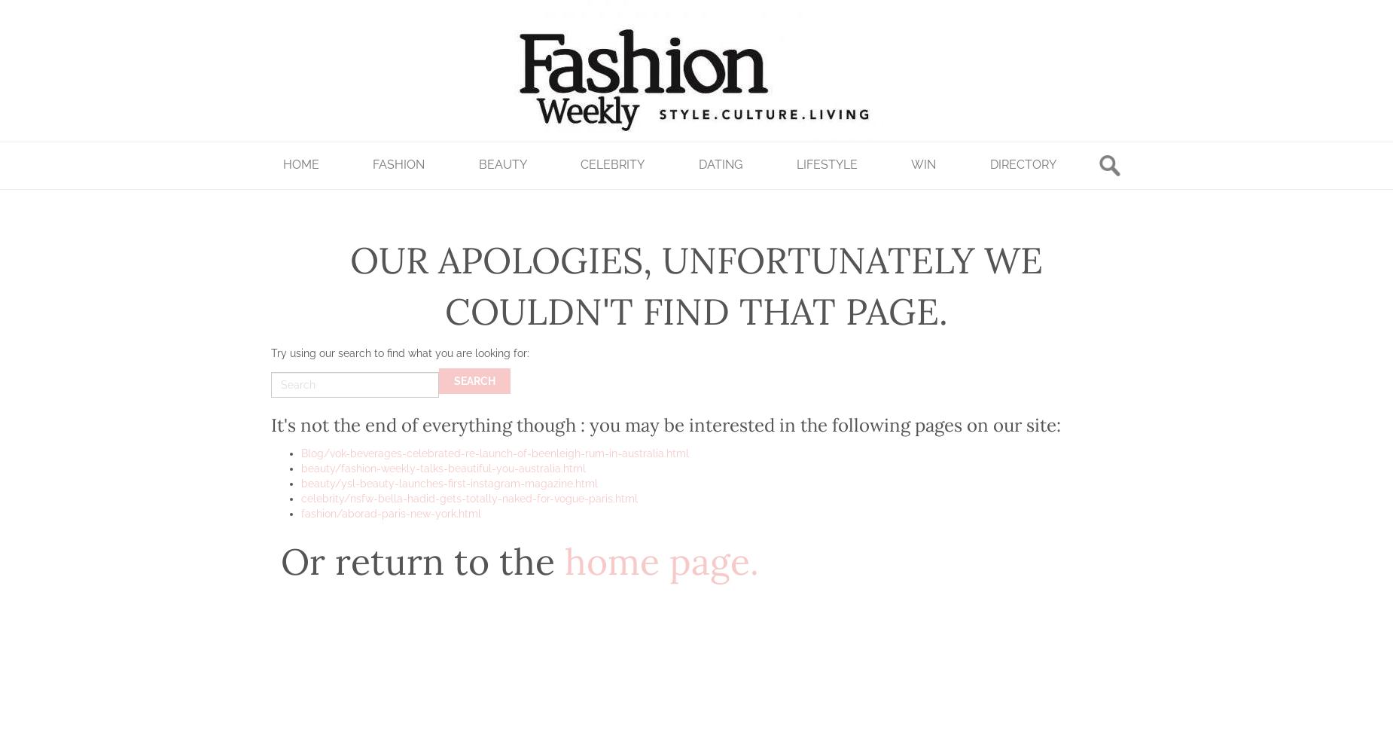 The width and height of the screenshot is (1393, 754). I want to click on 'beauty/ysl-beauty-launches-first-instagram-magazine.html', so click(449, 484).